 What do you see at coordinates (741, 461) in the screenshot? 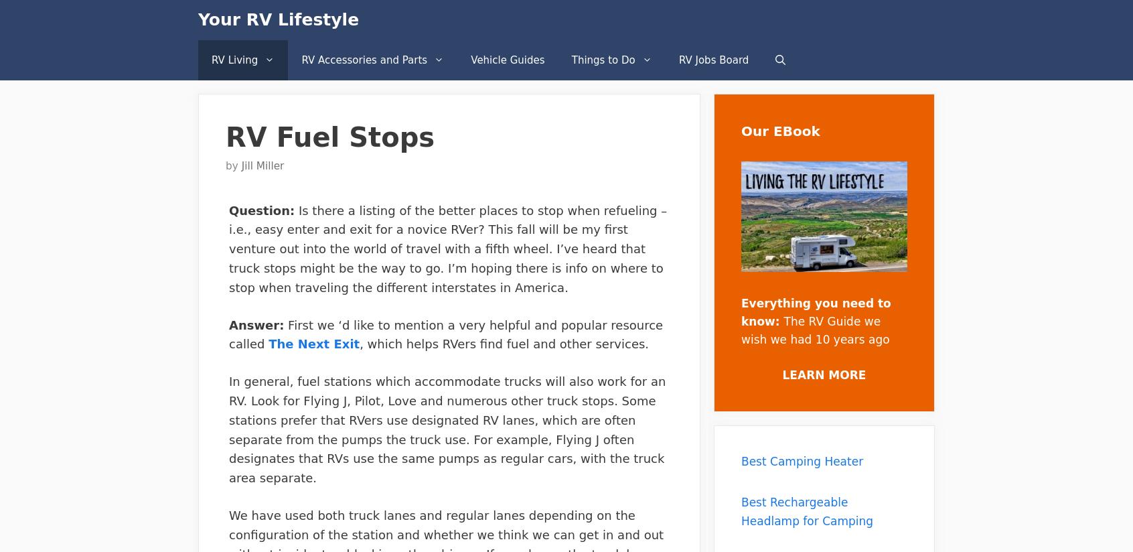
I see `'Best Camping Heater'` at bounding box center [741, 461].